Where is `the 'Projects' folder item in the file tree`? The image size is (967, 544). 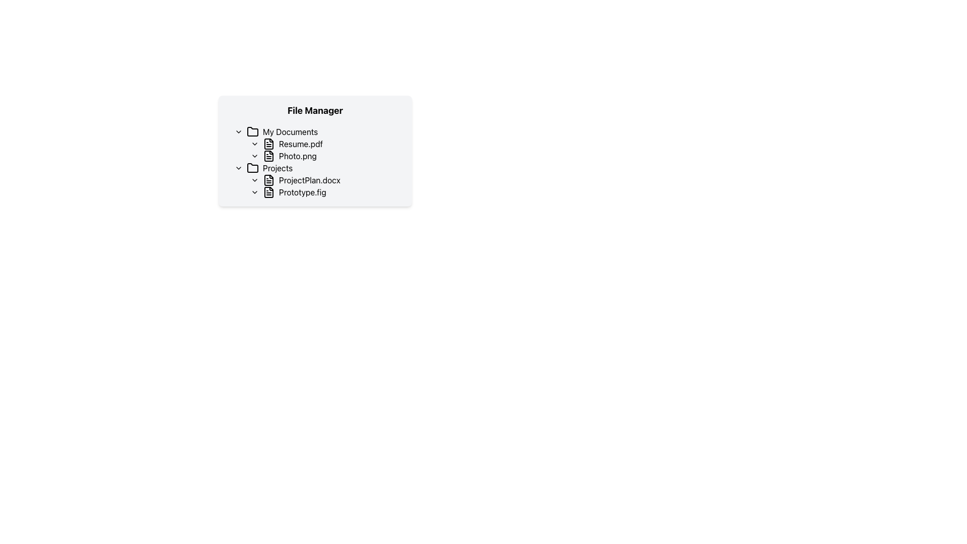
the 'Projects' folder item in the file tree is located at coordinates (318, 168).